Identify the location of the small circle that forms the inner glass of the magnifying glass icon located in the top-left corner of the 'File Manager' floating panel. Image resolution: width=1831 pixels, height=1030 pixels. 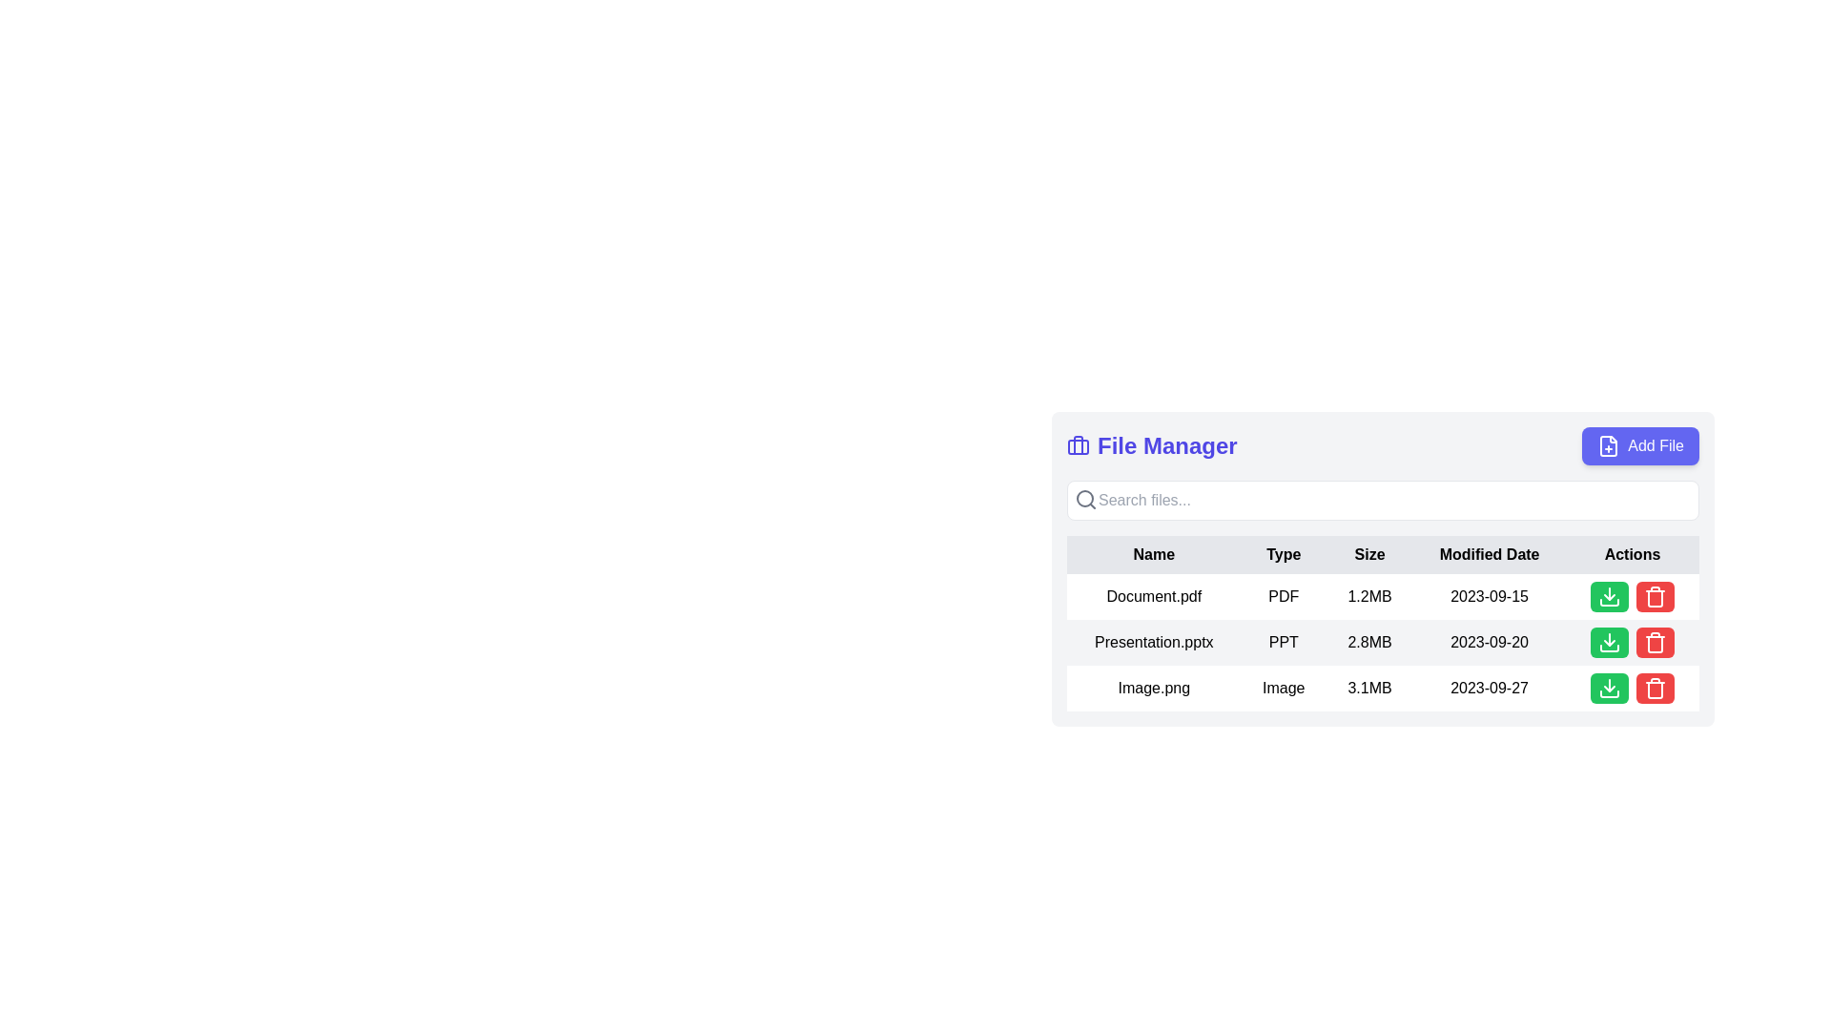
(1084, 498).